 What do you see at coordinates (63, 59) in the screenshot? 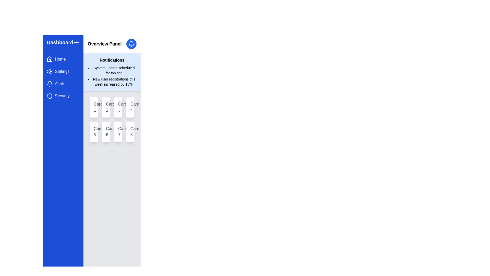
I see `the first menu item in the vertical navigation menu, located below the 'Dashboard' header` at bounding box center [63, 59].